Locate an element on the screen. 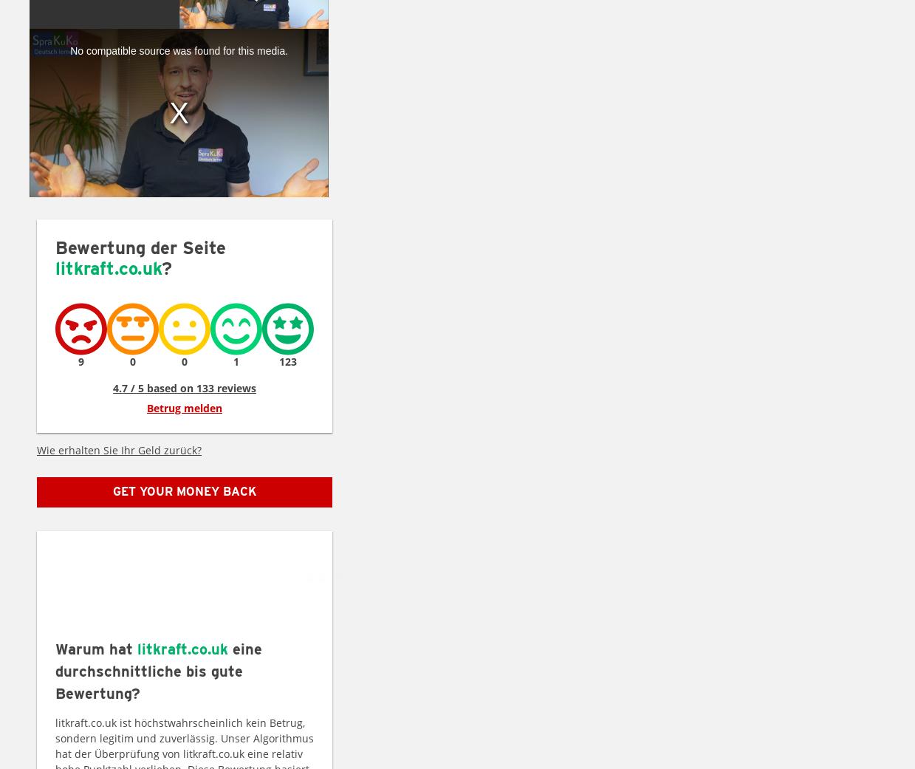 This screenshot has height=769, width=915. 'GET YOUR MONEY BACK' is located at coordinates (183, 491).